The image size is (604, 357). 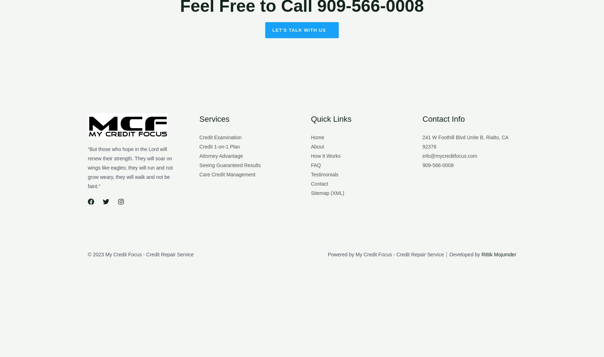 What do you see at coordinates (465, 142) in the screenshot?
I see `'241 W Foothill Blvd Unite B, Rialto, CA 92376'` at bounding box center [465, 142].